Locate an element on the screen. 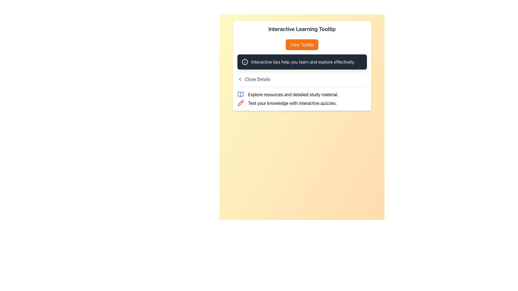 This screenshot has height=291, width=518. the Tooltip-like informational box that contains the text 'Interactive tips help you learn and explore effectively.' It is located within the interactive learning section, below the 'View Tooltip' button is located at coordinates (302, 65).